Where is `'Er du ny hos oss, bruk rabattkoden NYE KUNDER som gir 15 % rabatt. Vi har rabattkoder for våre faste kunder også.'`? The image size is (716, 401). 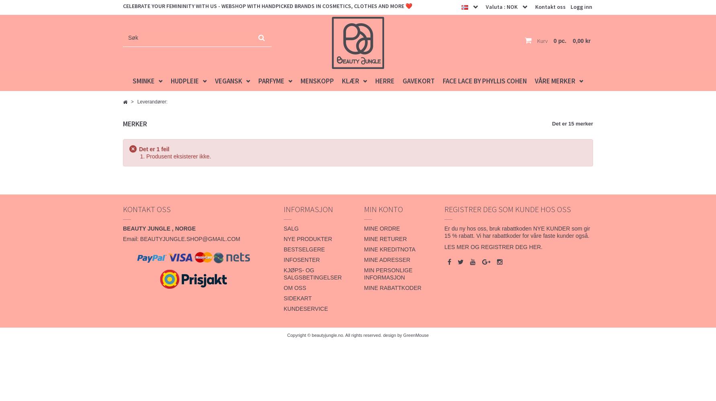 'Er du ny hos oss, bruk rabattkoden NYE KUNDER som gir 15 % rabatt. Vi har rabattkoder for våre faste kunder også.' is located at coordinates (517, 232).